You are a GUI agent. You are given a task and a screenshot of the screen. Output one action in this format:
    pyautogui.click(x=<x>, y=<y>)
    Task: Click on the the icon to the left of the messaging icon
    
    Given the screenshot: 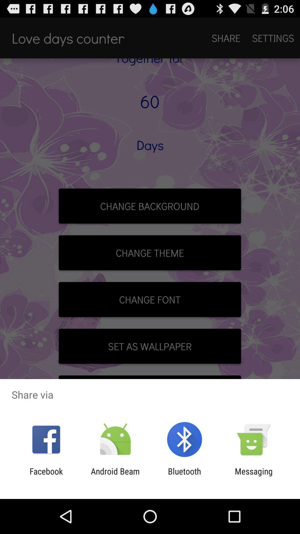 What is the action you would take?
    pyautogui.click(x=184, y=476)
    